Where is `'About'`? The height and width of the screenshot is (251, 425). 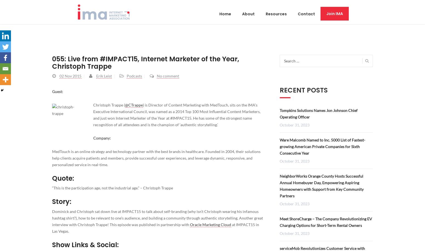
'About' is located at coordinates (248, 14).